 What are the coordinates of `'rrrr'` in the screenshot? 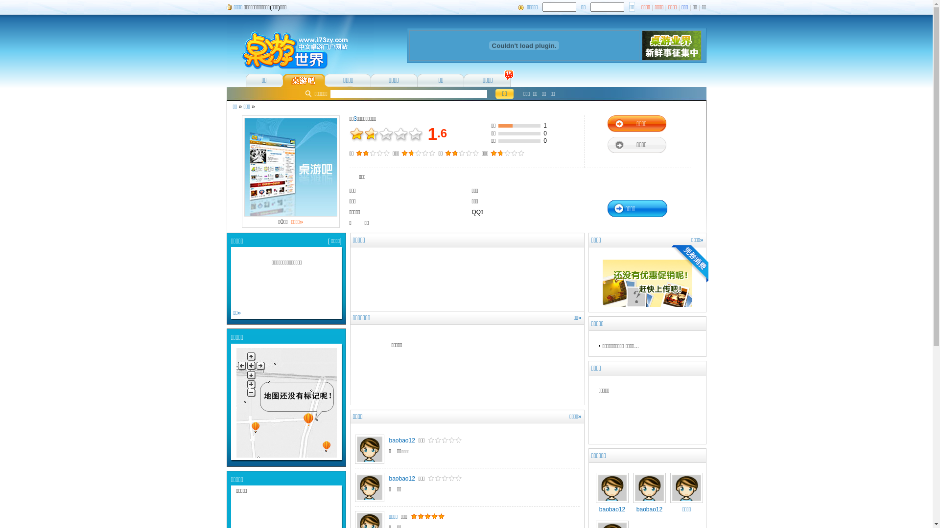 It's located at (405, 451).